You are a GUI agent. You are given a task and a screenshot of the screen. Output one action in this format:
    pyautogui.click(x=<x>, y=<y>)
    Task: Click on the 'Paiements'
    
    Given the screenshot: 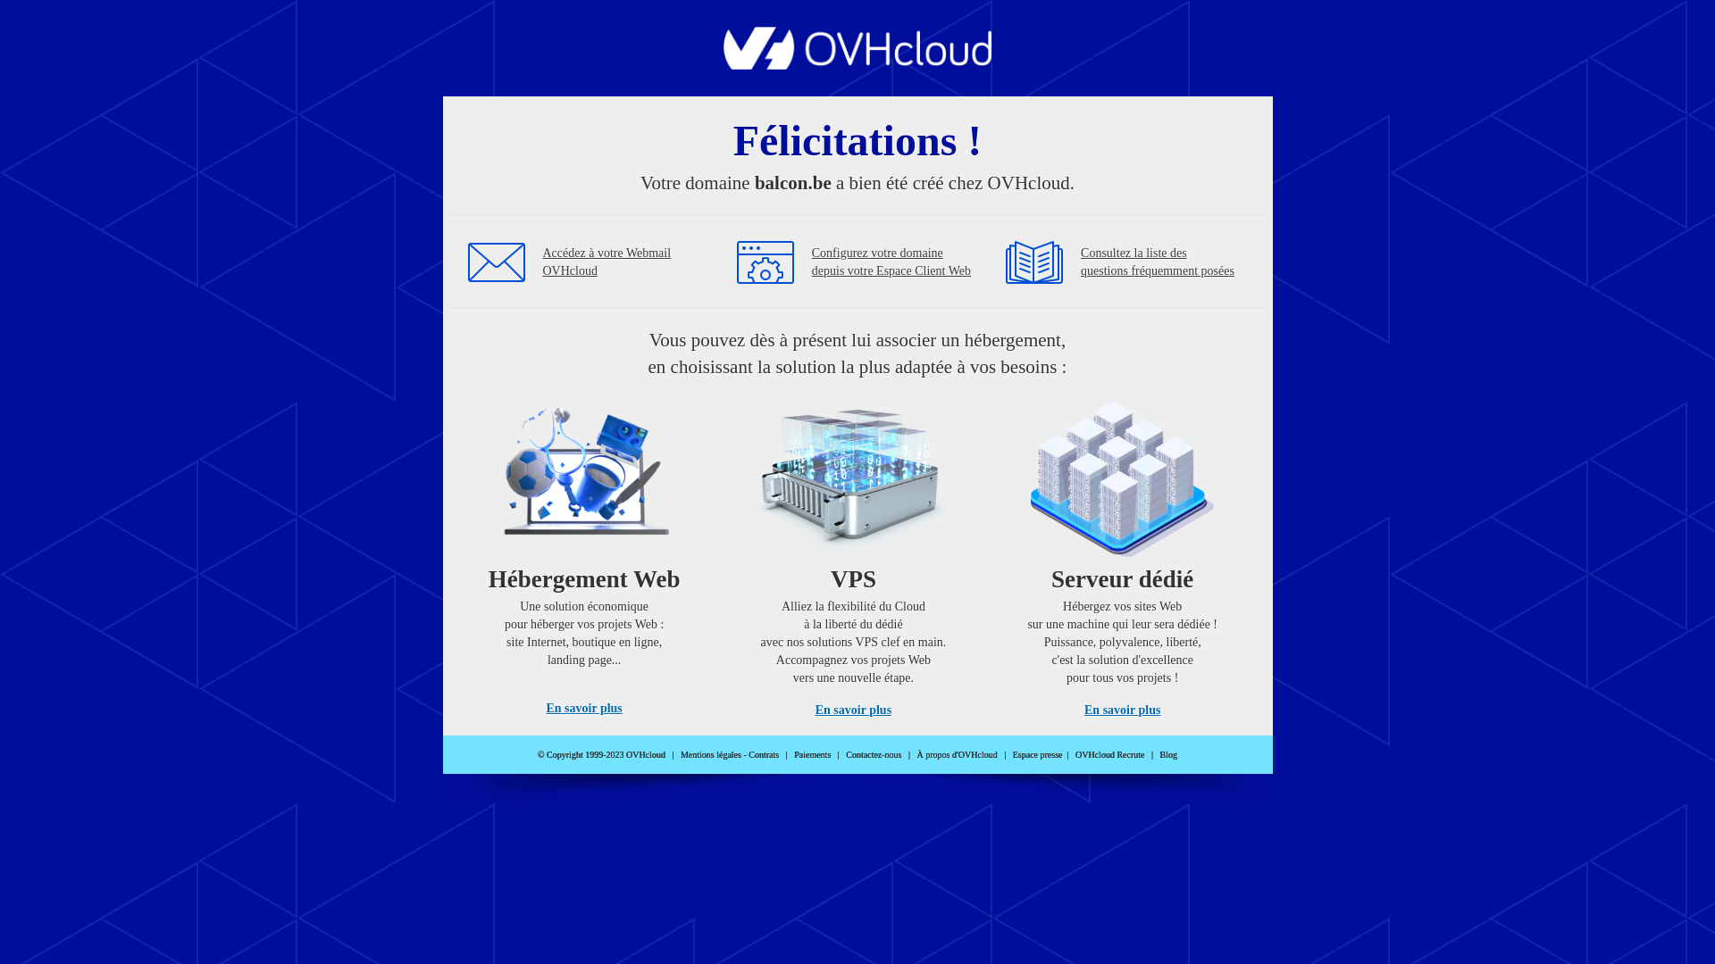 What is the action you would take?
    pyautogui.click(x=811, y=754)
    